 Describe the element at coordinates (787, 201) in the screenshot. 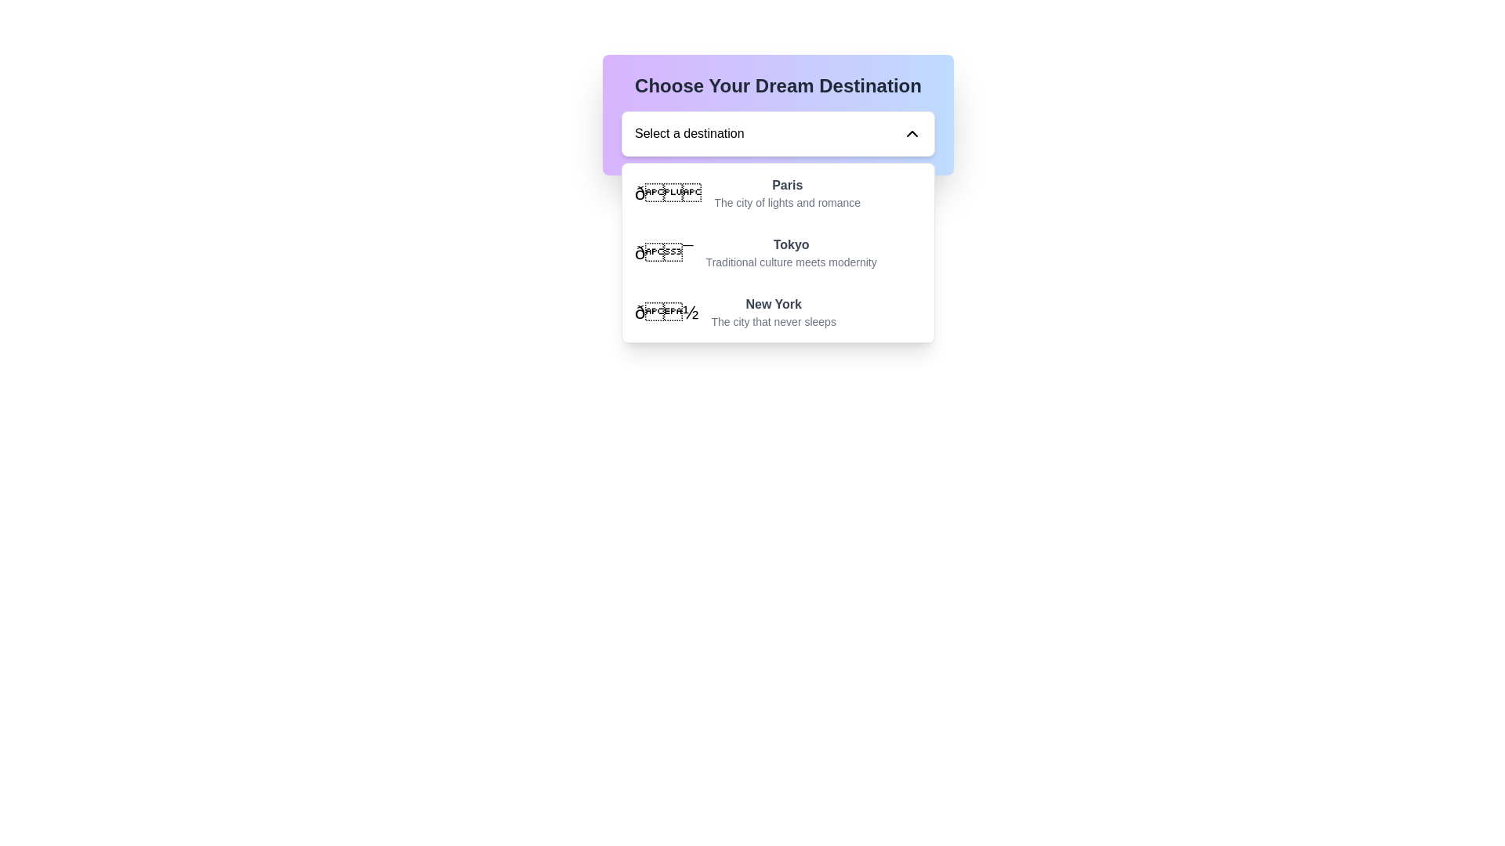

I see `the non-interactive text label element that provides additional context about the title 'Paris', located below it in the dropdown menu 'Choose Your Dream Destination'` at that location.